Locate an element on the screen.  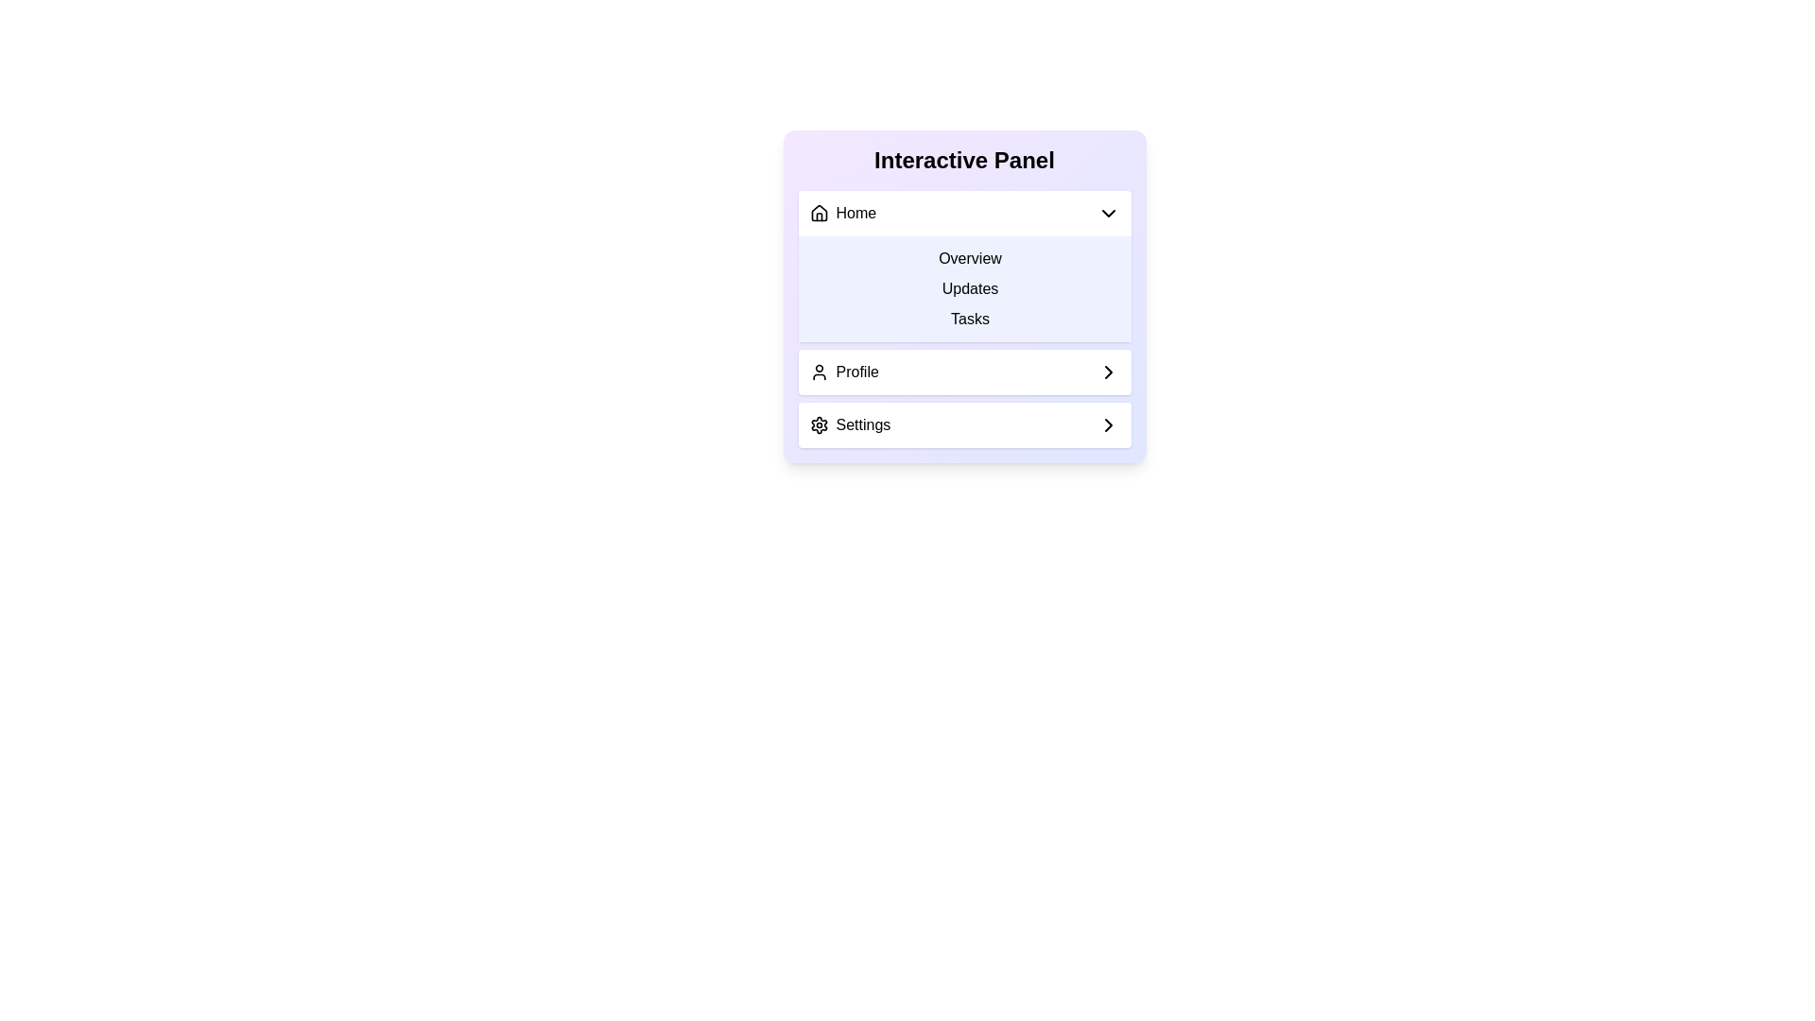
the 'Updates' button, which is the second item in the vertically aligned menu list, located below 'Overview' and above 'Tasks', styled with a light indigo background and changes color to indigo on hover is located at coordinates (970, 288).